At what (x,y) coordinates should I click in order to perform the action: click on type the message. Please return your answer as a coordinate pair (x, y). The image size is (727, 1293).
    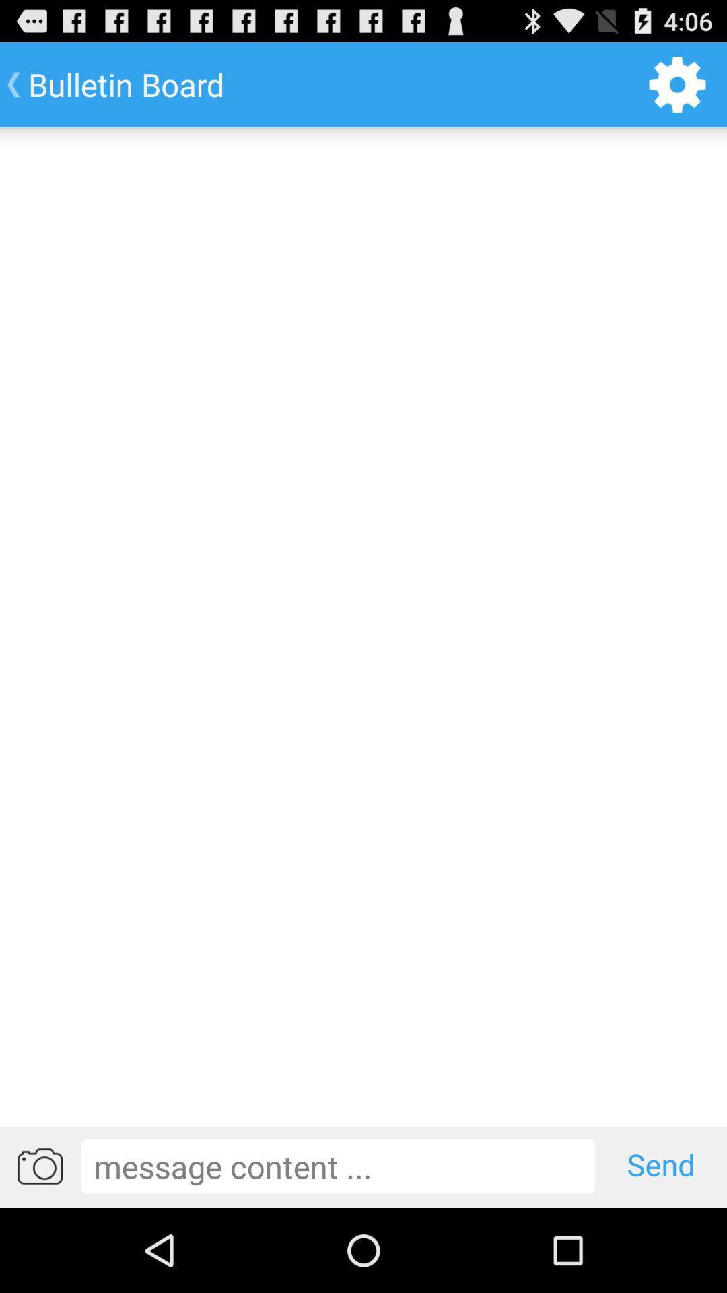
    Looking at the image, I should click on (337, 1166).